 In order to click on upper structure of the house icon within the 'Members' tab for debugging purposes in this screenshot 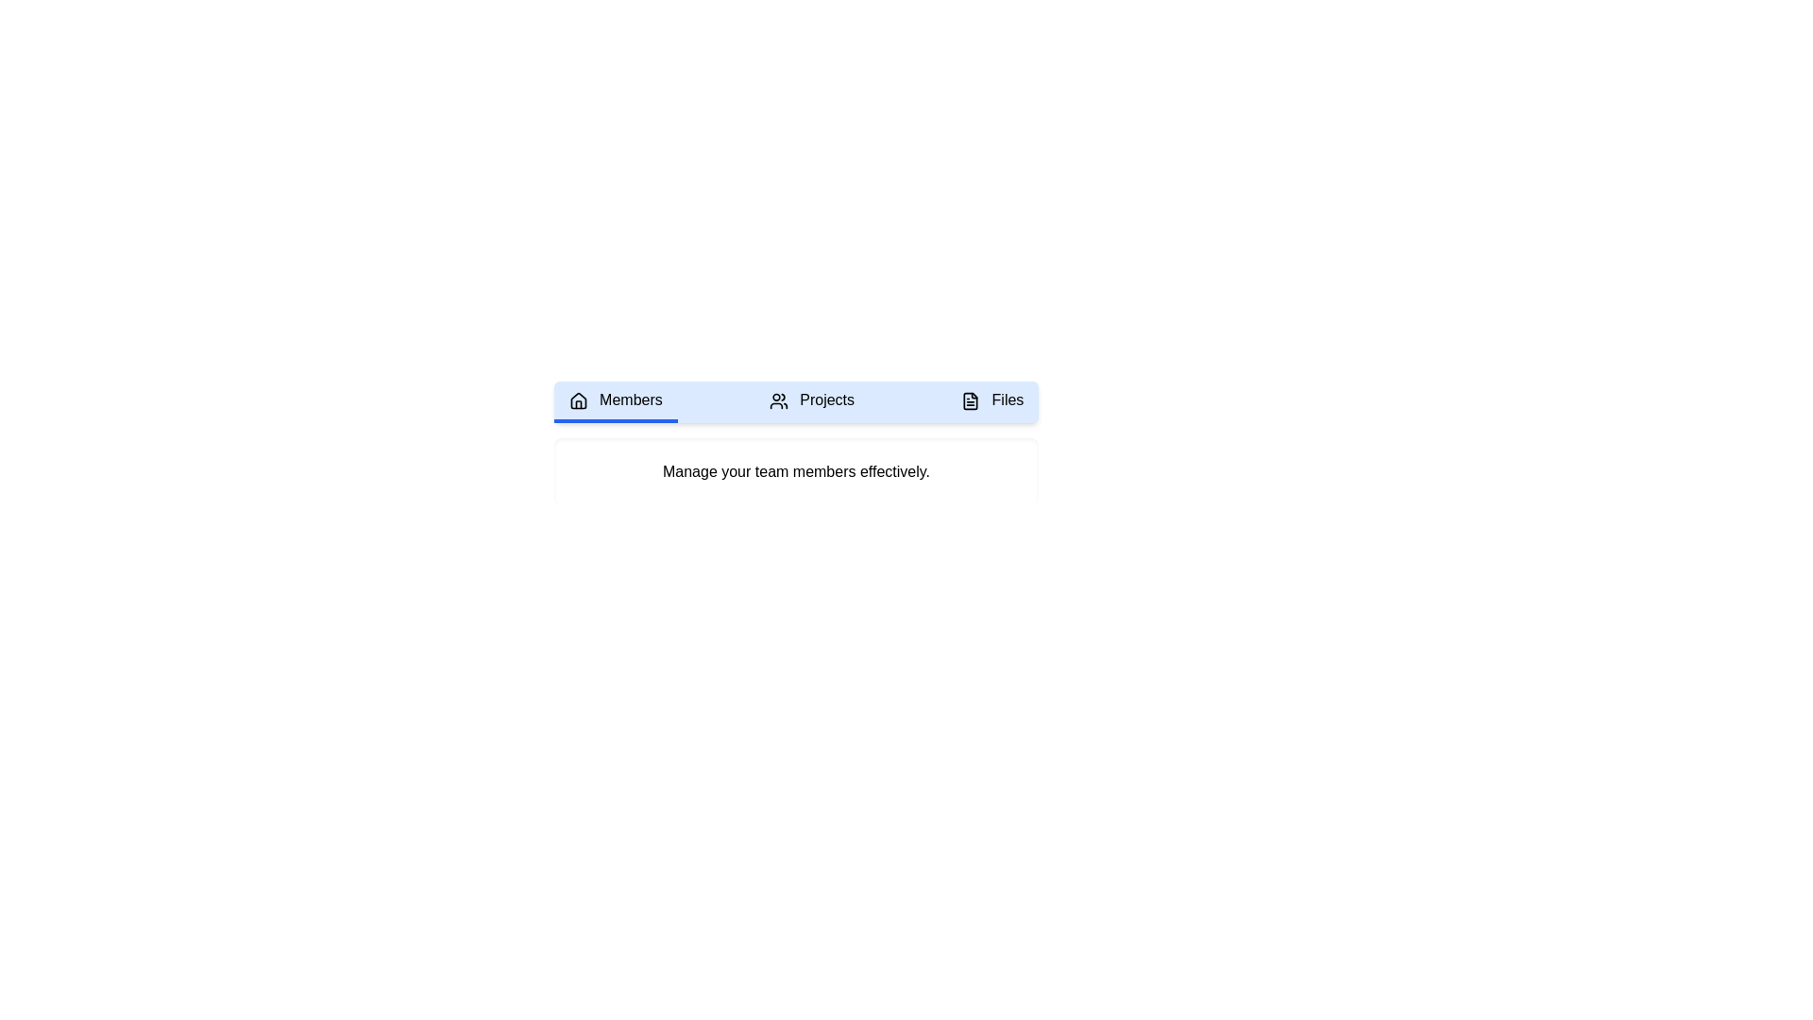, I will do `click(577, 399)`.